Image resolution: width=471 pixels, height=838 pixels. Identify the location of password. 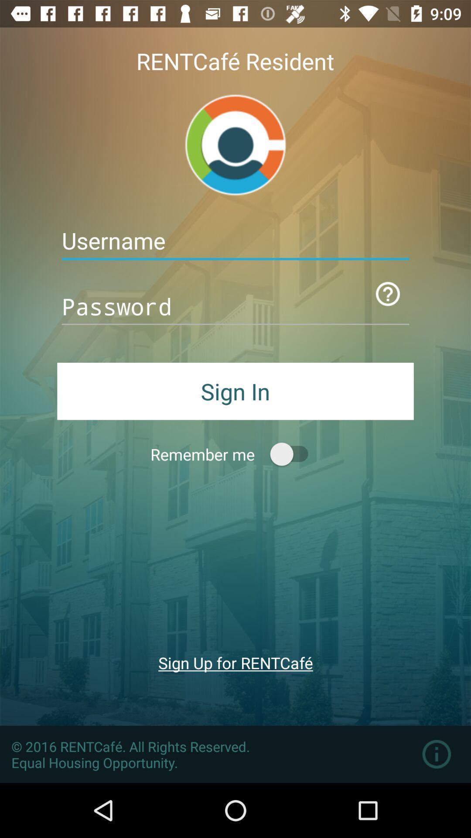
(235, 306).